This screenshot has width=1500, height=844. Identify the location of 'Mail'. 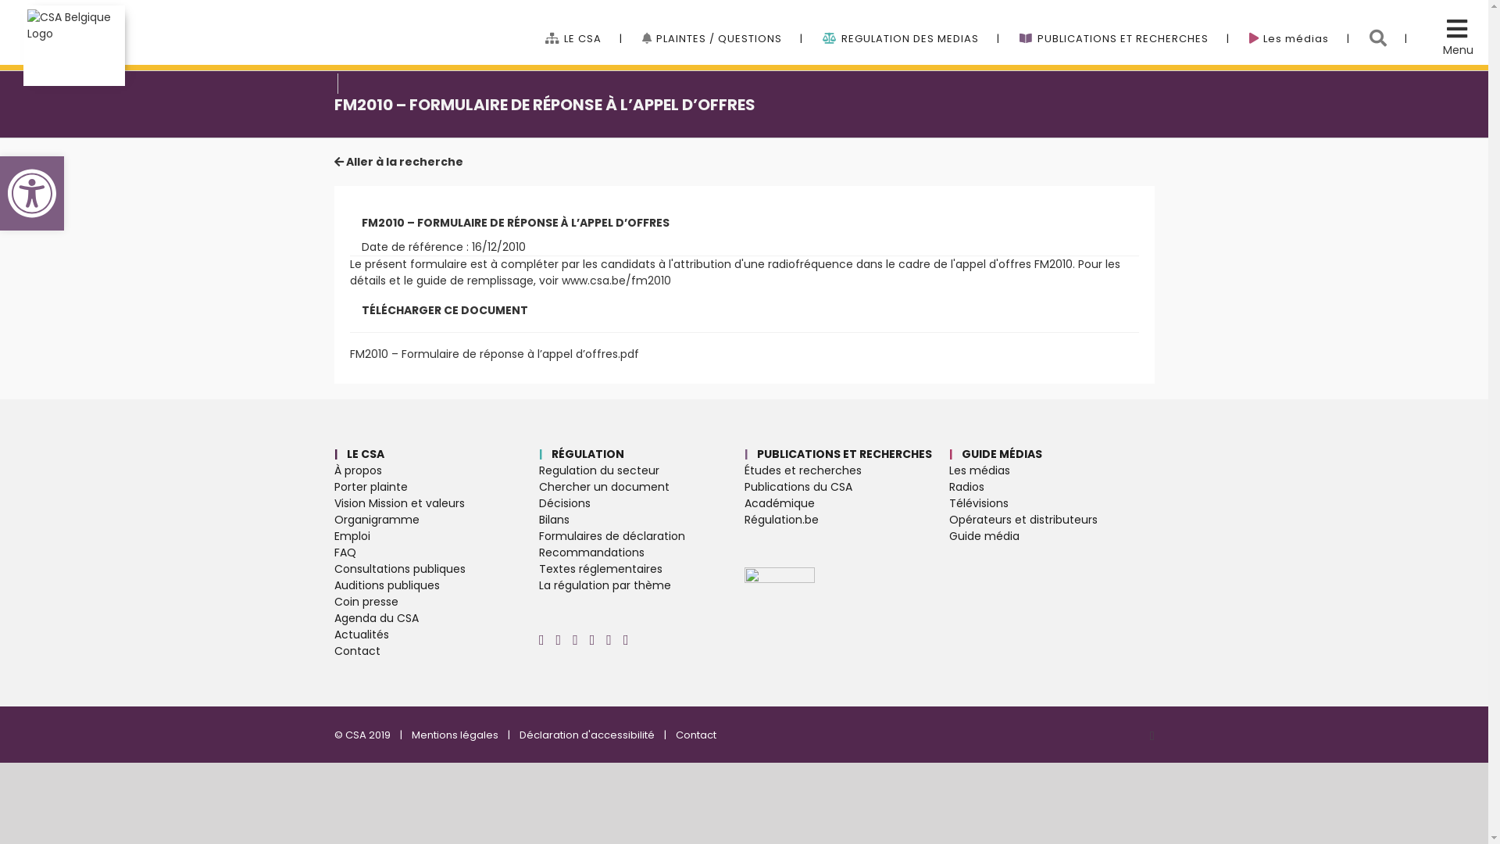
(626, 639).